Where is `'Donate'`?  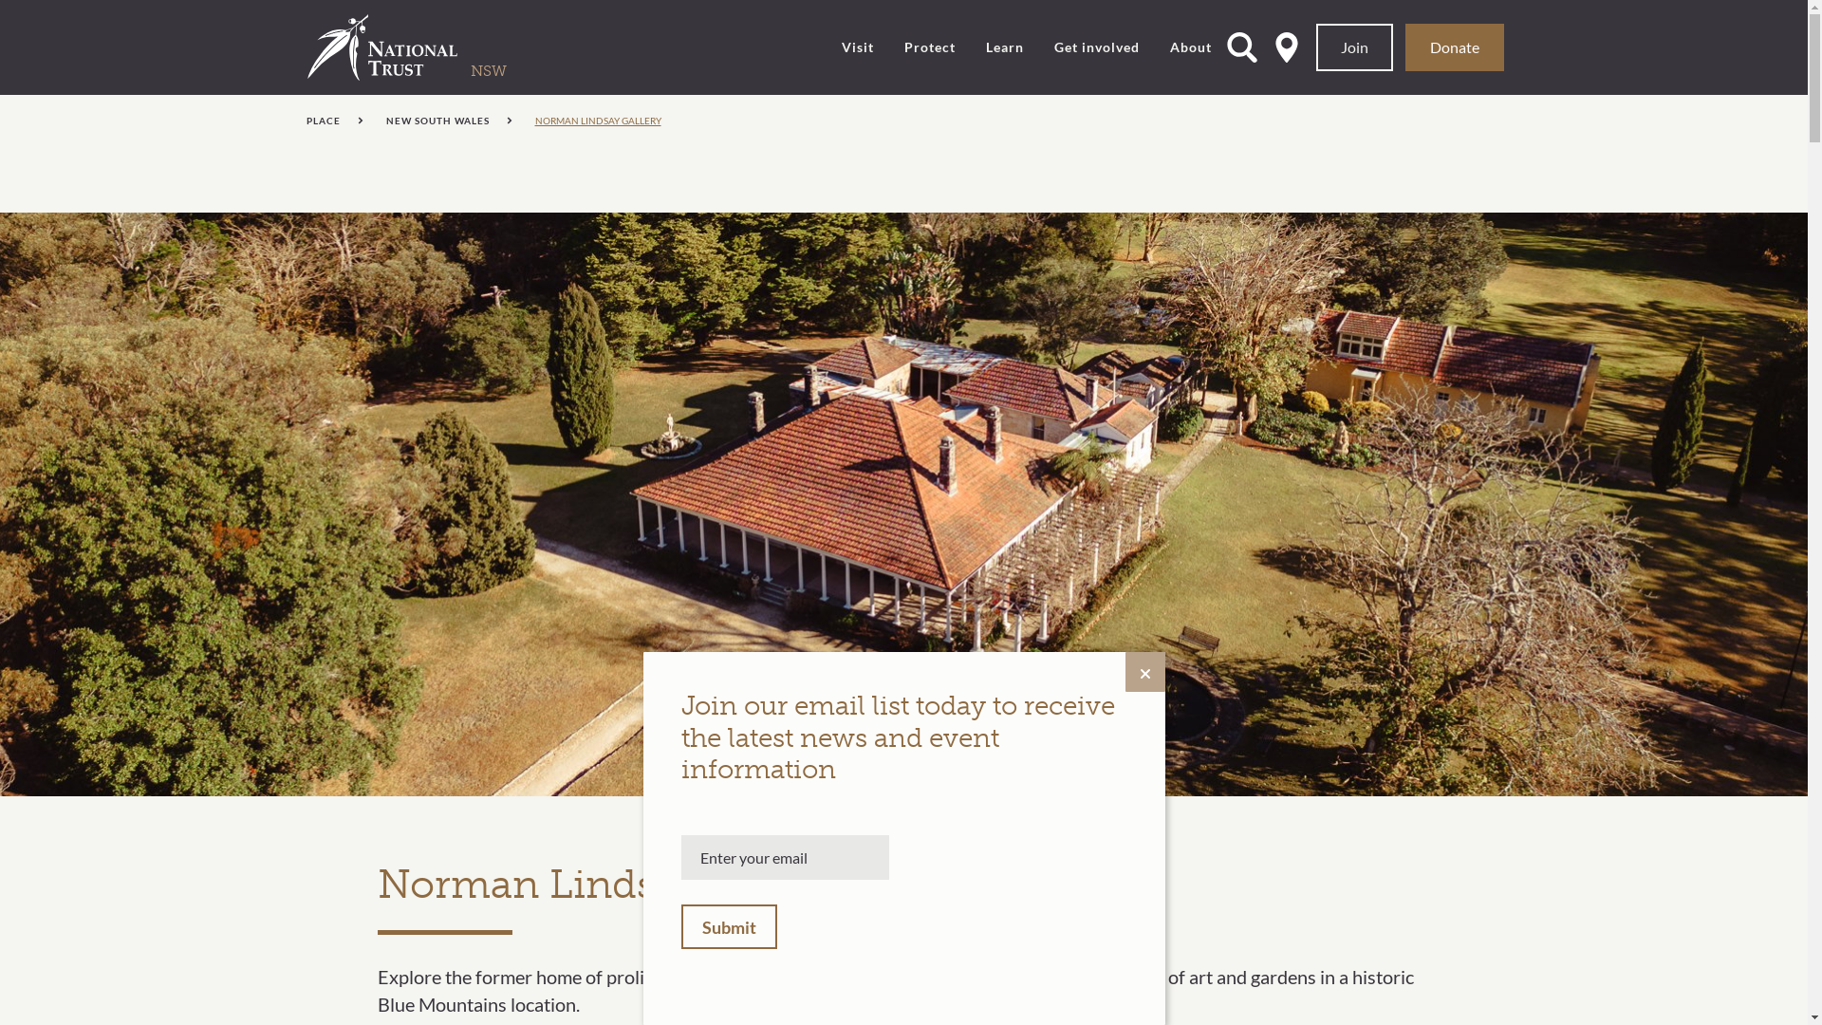
'Donate' is located at coordinates (1453, 47).